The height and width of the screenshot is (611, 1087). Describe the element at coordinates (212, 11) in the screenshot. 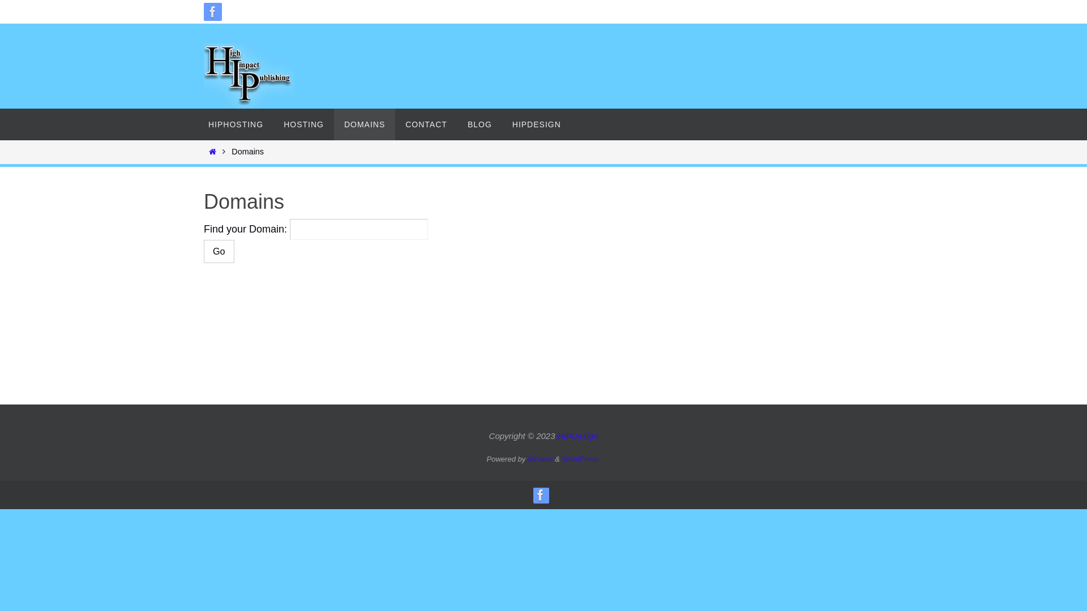

I see `'Facebook'` at that location.